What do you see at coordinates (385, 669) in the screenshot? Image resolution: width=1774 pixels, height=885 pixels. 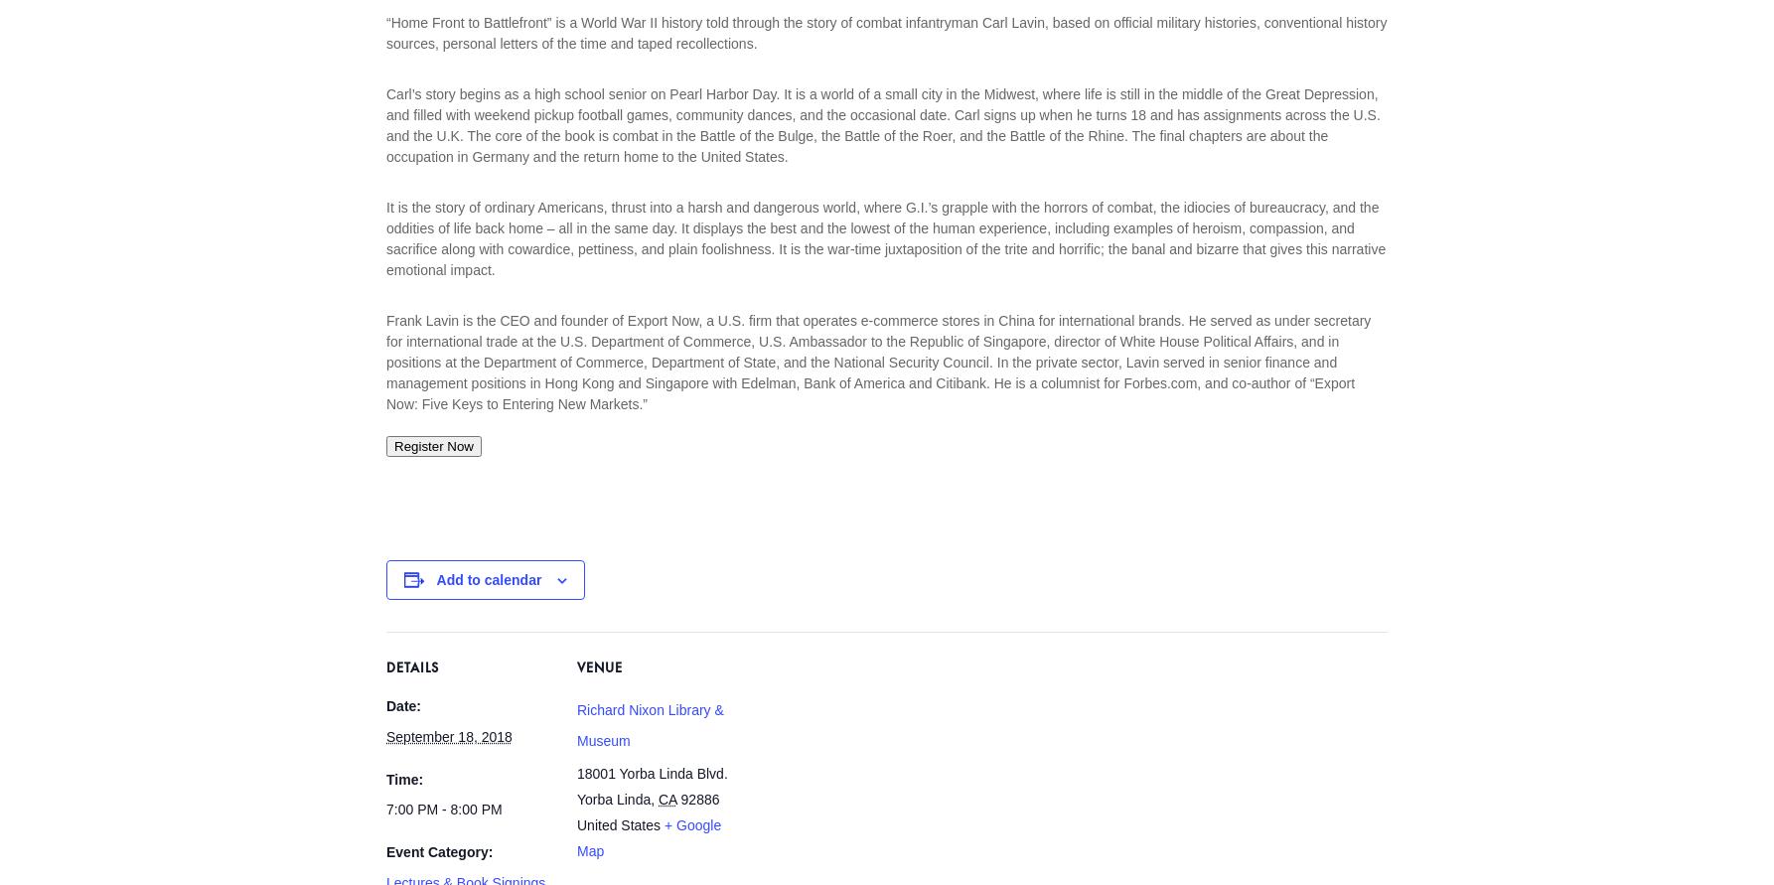 I see `'Details'` at bounding box center [385, 669].